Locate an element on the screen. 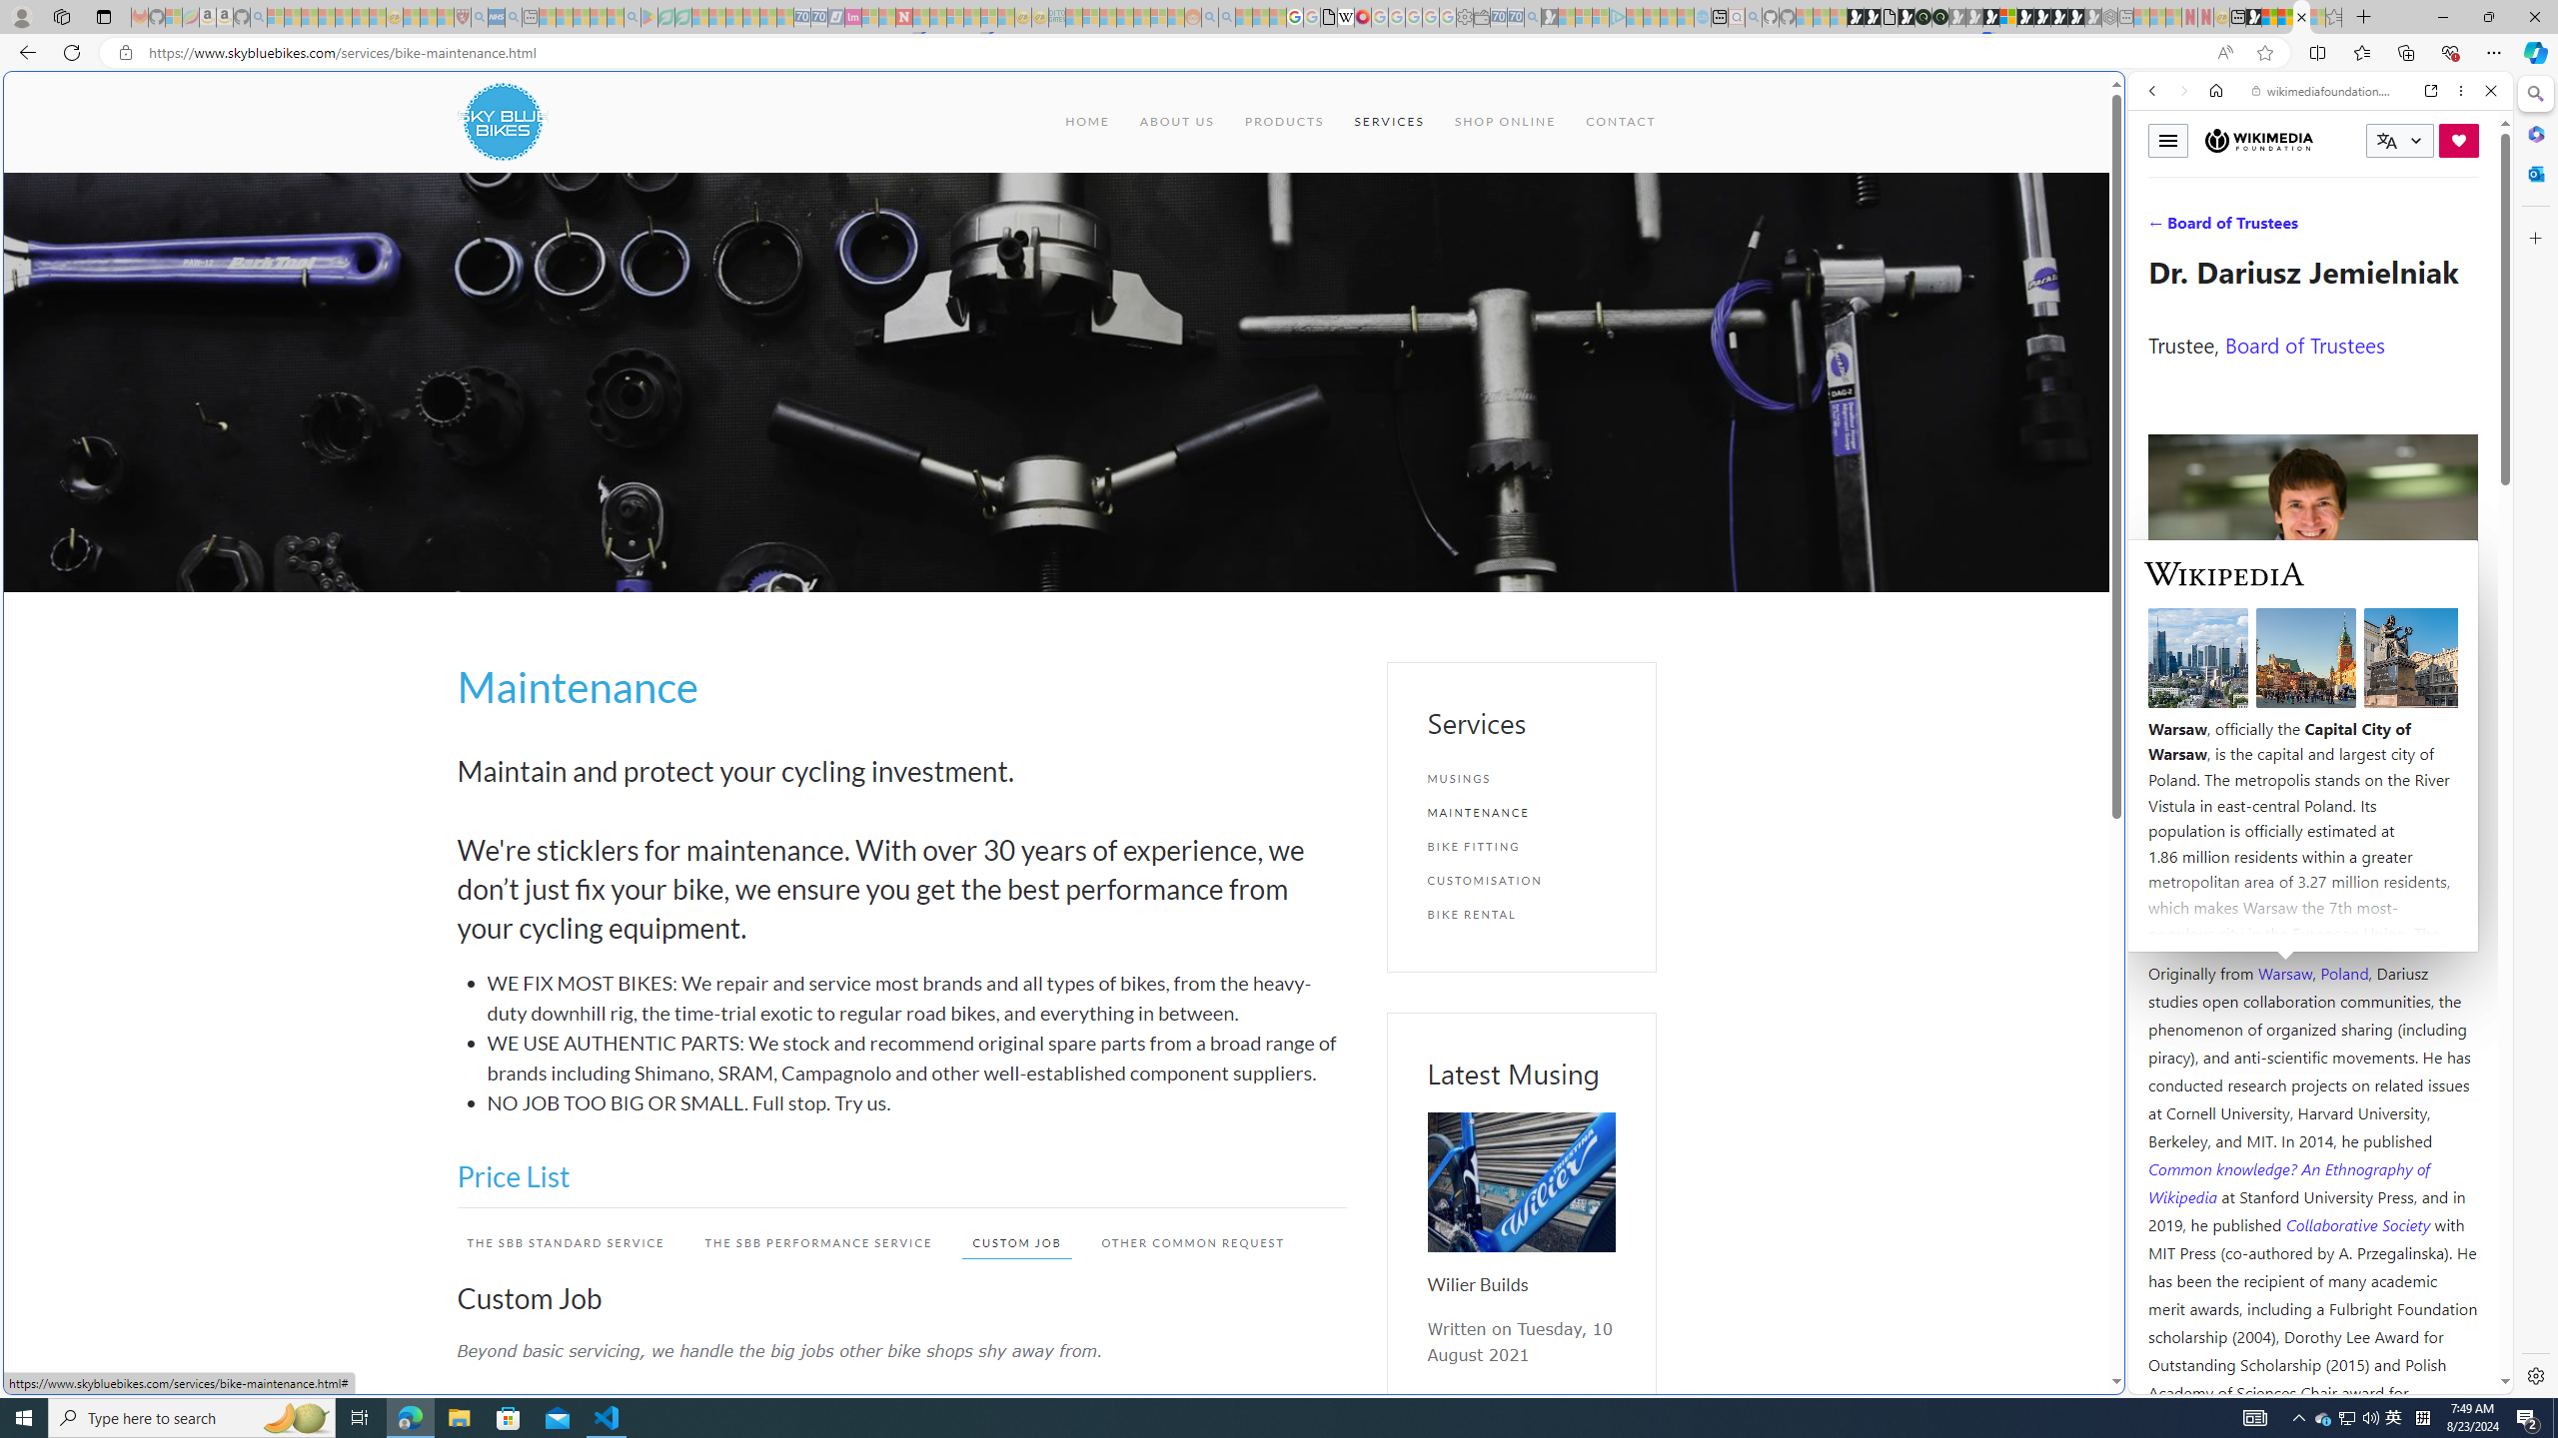 The height and width of the screenshot is (1438, 2558). 'HOME' is located at coordinates (1087, 120).